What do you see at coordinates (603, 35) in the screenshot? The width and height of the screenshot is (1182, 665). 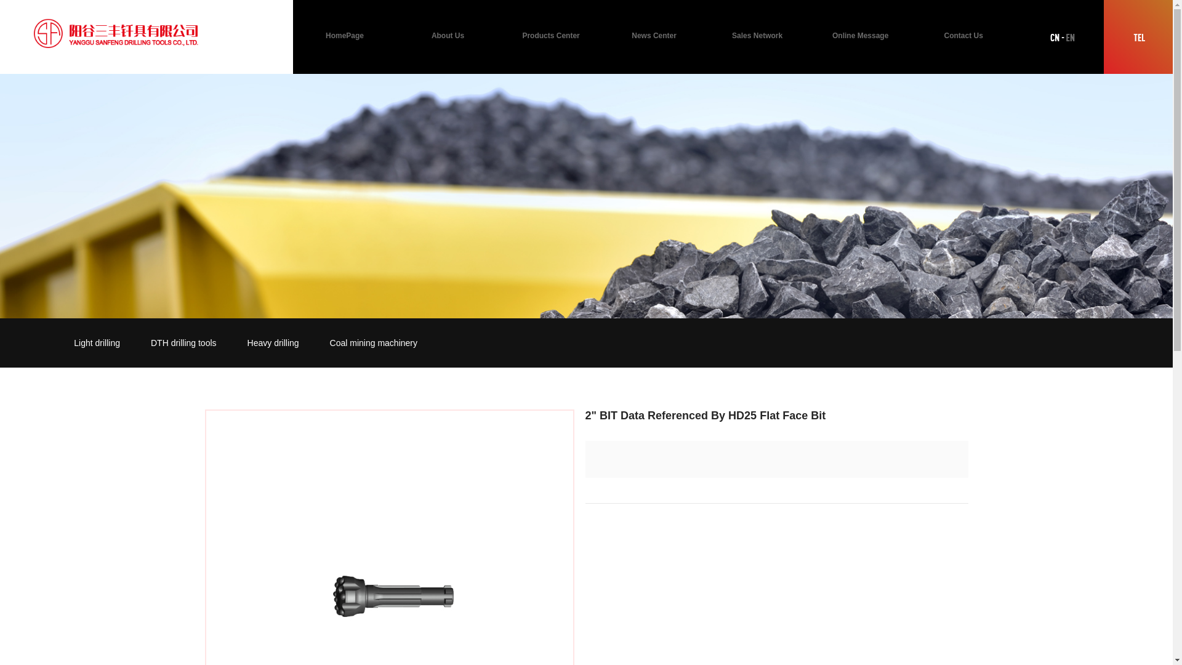 I see `'News Center'` at bounding box center [603, 35].